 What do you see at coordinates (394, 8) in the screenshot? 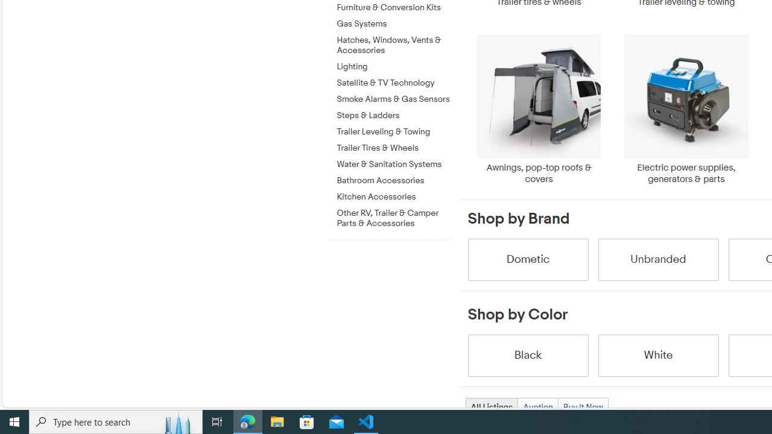
I see `'Furniture & Conversion Kits'` at bounding box center [394, 8].